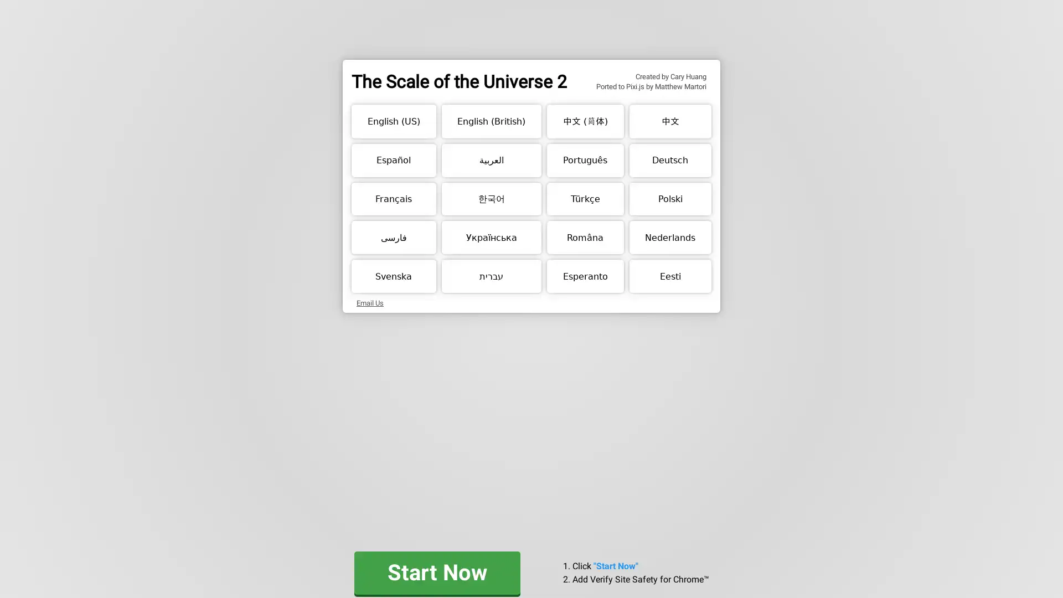  Describe the element at coordinates (584, 275) in the screenshot. I see `Esperanto` at that location.